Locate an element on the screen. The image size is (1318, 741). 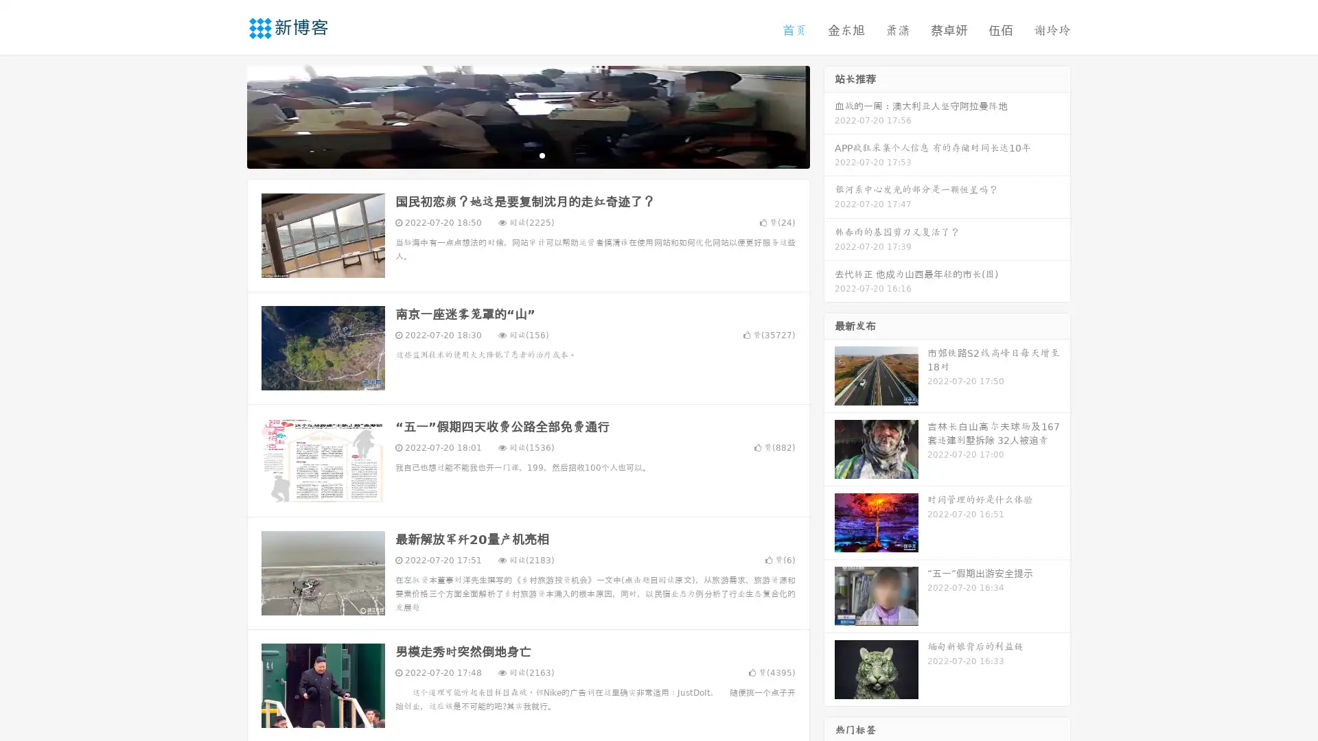
Go to slide 3 is located at coordinates (542, 154).